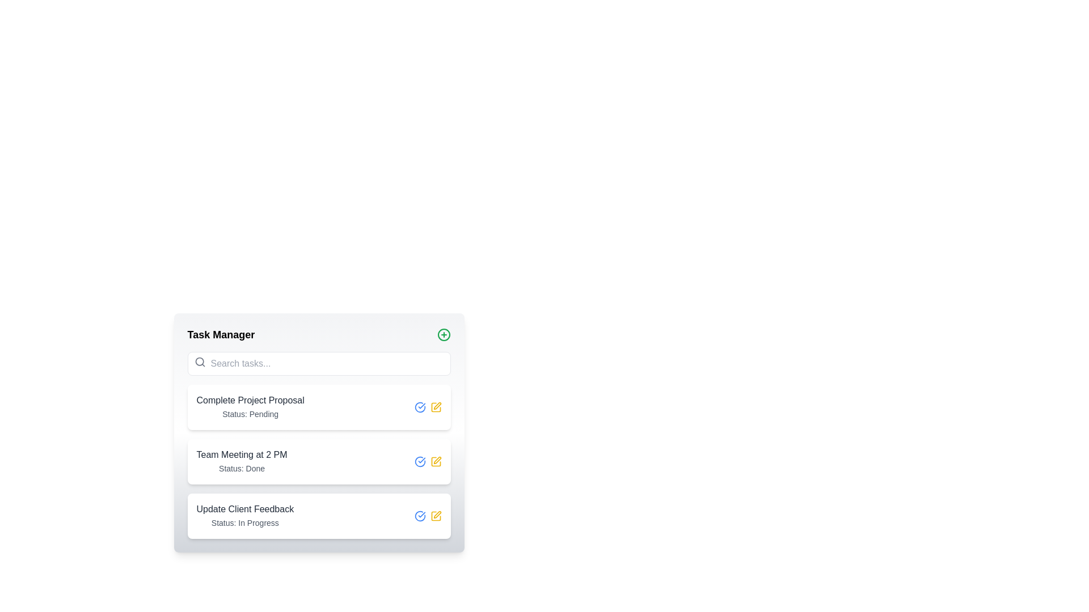  I want to click on the action button located in the top-right corner of the 'Task Manager' box, so click(443, 334).